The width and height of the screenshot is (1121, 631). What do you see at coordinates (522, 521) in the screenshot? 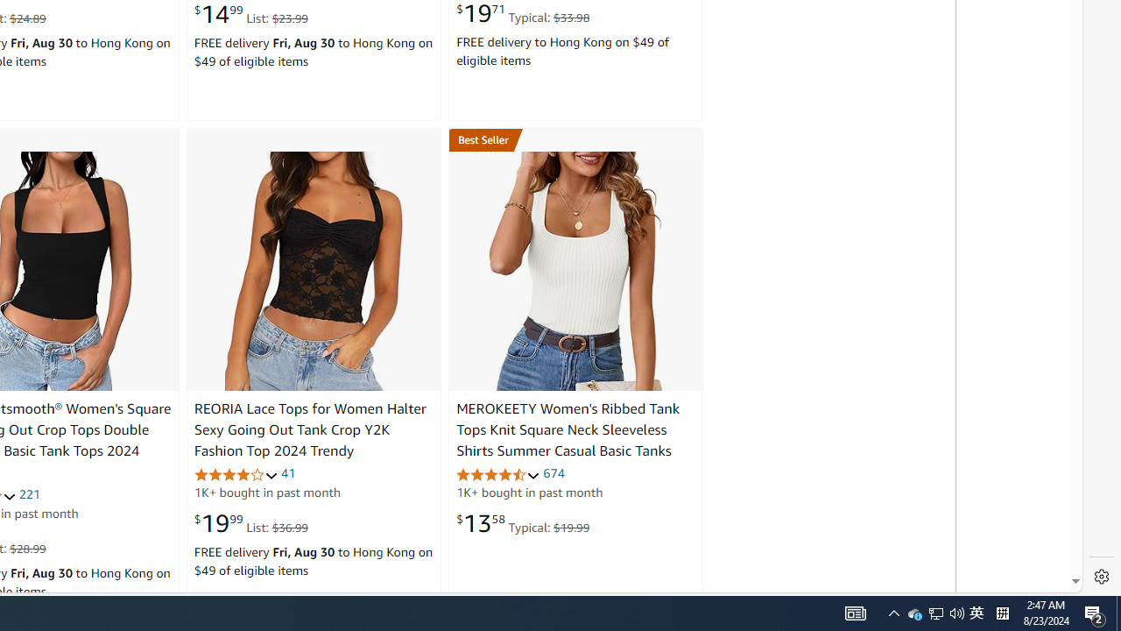
I see `'$13.58 Typical: $19.99'` at bounding box center [522, 521].